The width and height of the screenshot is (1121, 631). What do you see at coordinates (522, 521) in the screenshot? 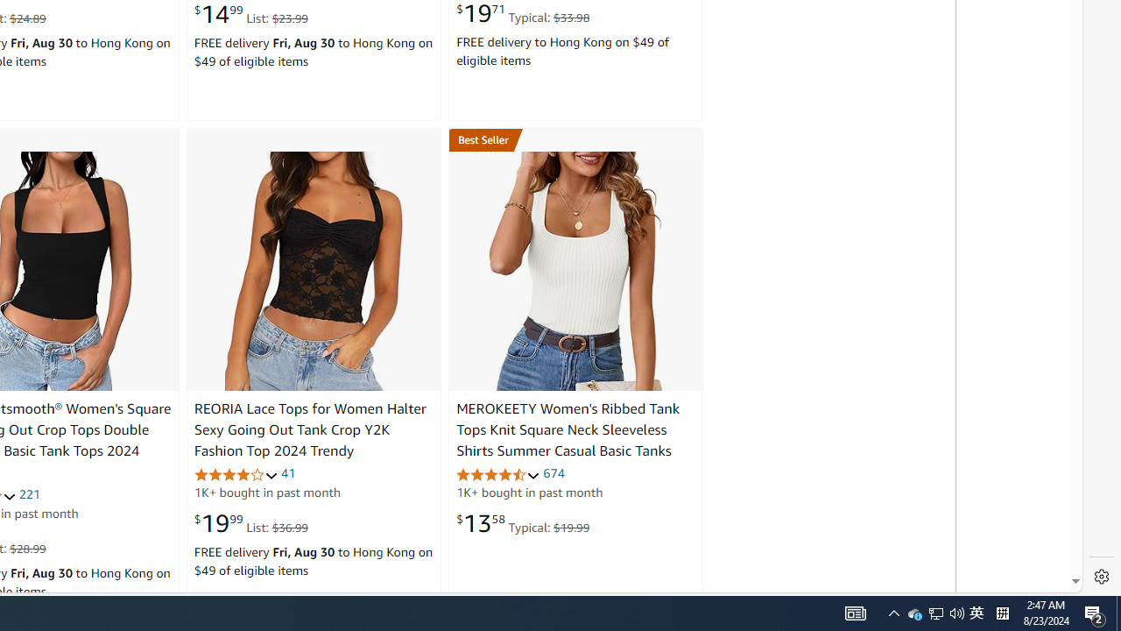
I see `'$13.58 Typical: $19.99'` at bounding box center [522, 521].